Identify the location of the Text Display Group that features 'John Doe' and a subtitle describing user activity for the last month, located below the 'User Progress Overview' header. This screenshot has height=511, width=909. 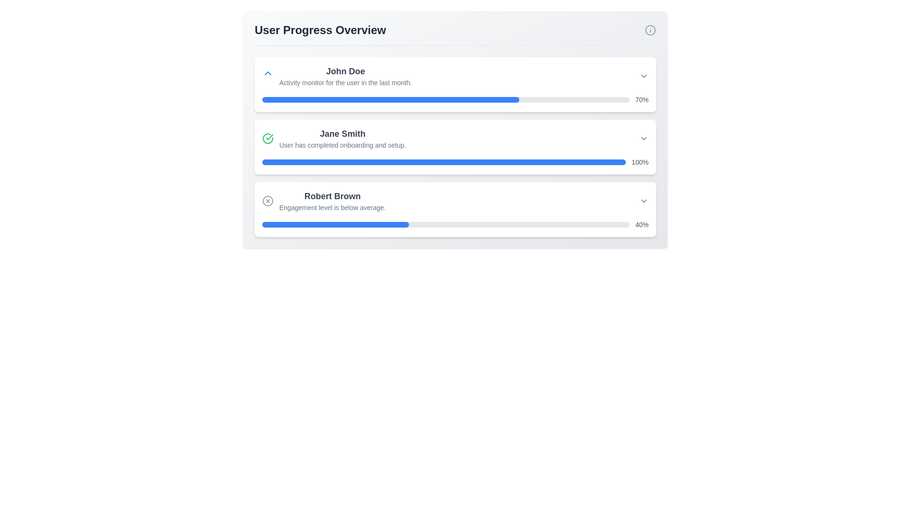
(345, 76).